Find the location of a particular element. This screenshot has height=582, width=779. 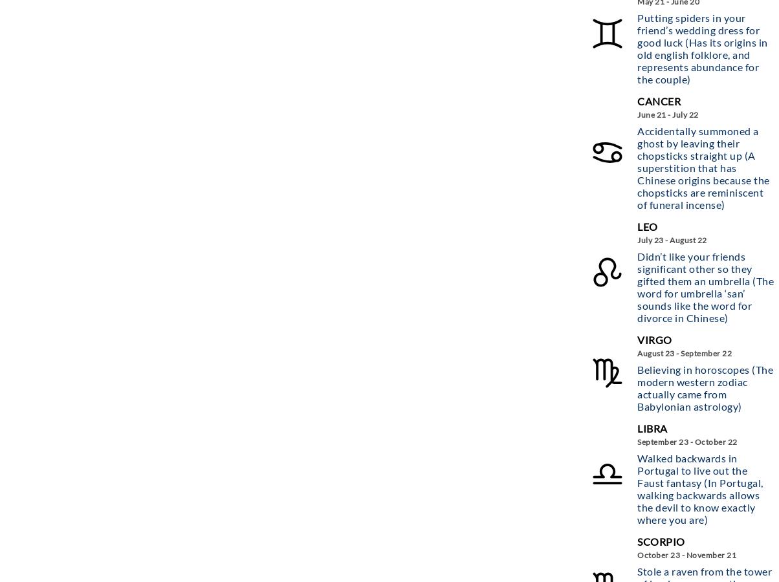

'October 23 - November 21' is located at coordinates (686, 554).